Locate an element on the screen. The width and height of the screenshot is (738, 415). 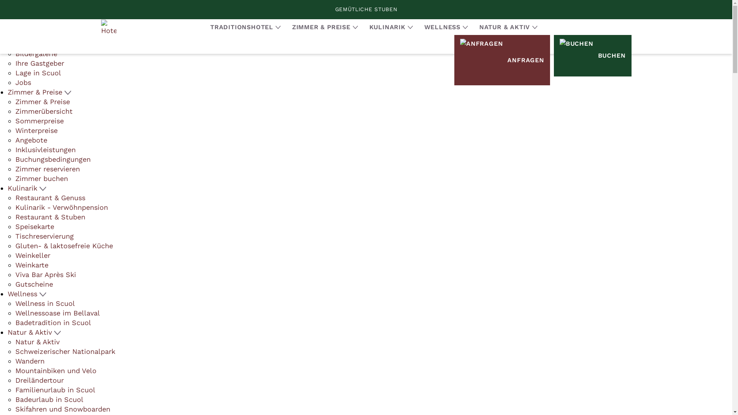
'Speisekarte' is located at coordinates (15, 226).